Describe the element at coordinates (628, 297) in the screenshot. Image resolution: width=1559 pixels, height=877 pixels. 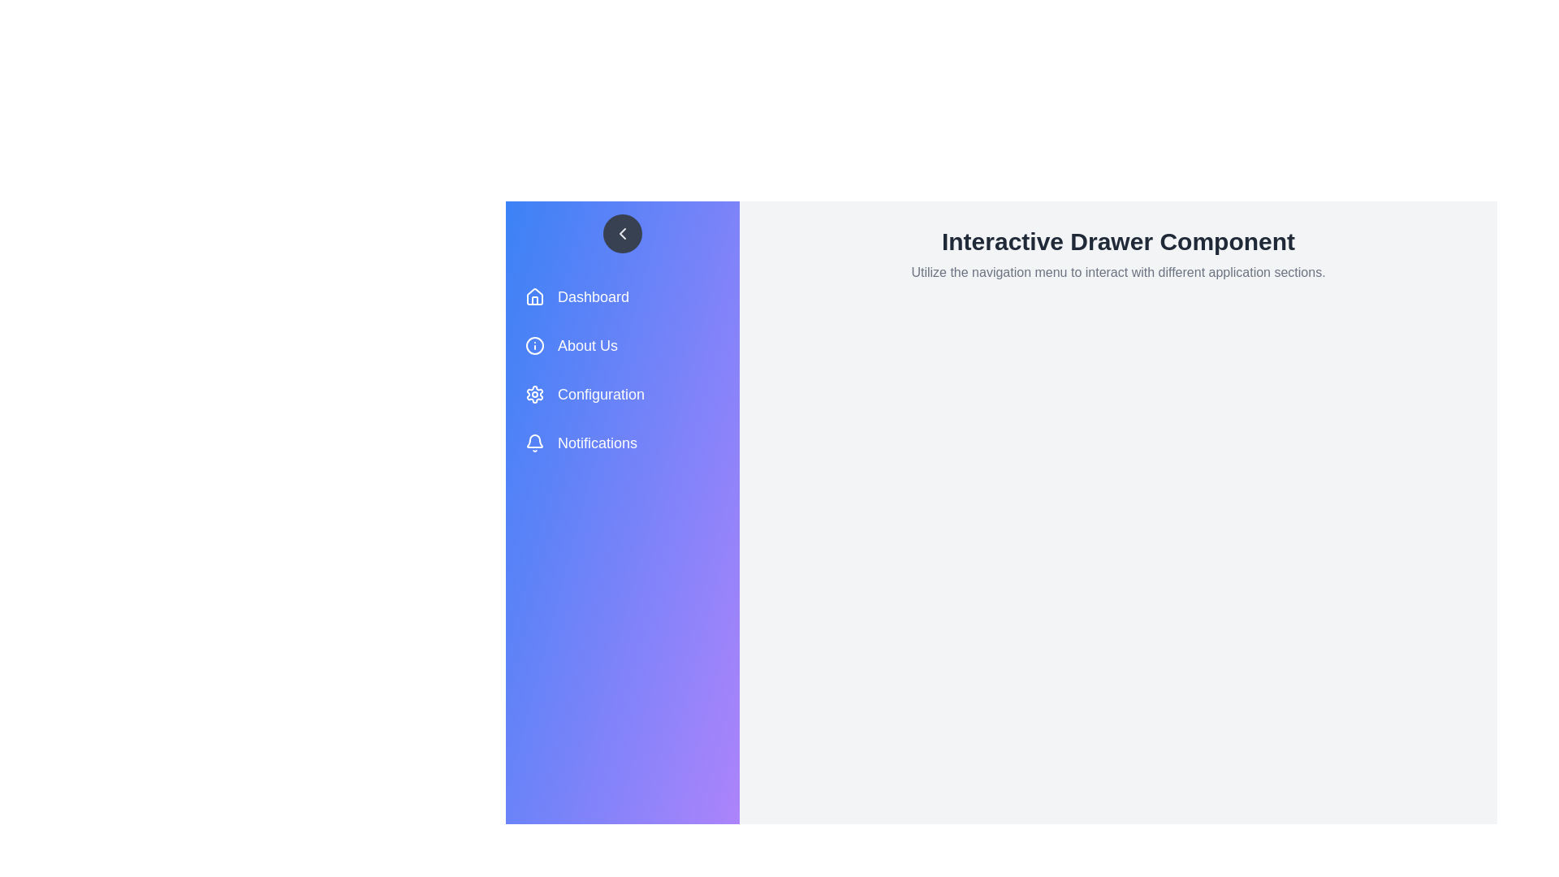
I see `'Dashboard' menu item, which features a house icon and is the first item in the vertical navigation list on the left panel` at that location.